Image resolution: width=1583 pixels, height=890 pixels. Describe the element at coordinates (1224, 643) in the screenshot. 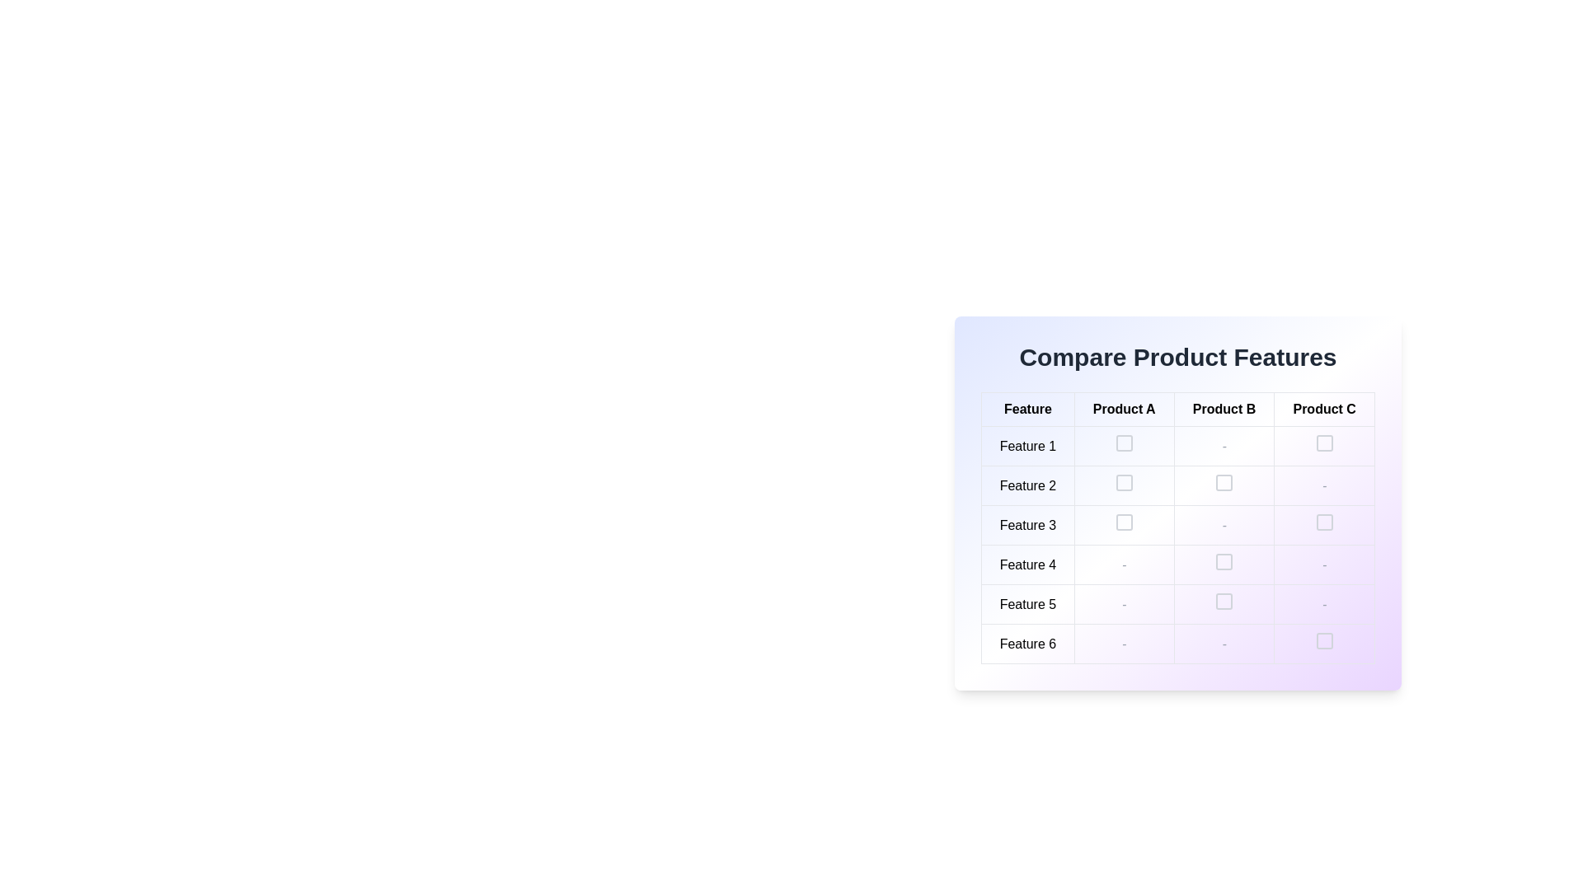

I see `the table cell containing a dash symbol, styled with gray color and centered italic font, located in the sixth row under the 'Product B' column of the 'Compare Product Features' table` at that location.